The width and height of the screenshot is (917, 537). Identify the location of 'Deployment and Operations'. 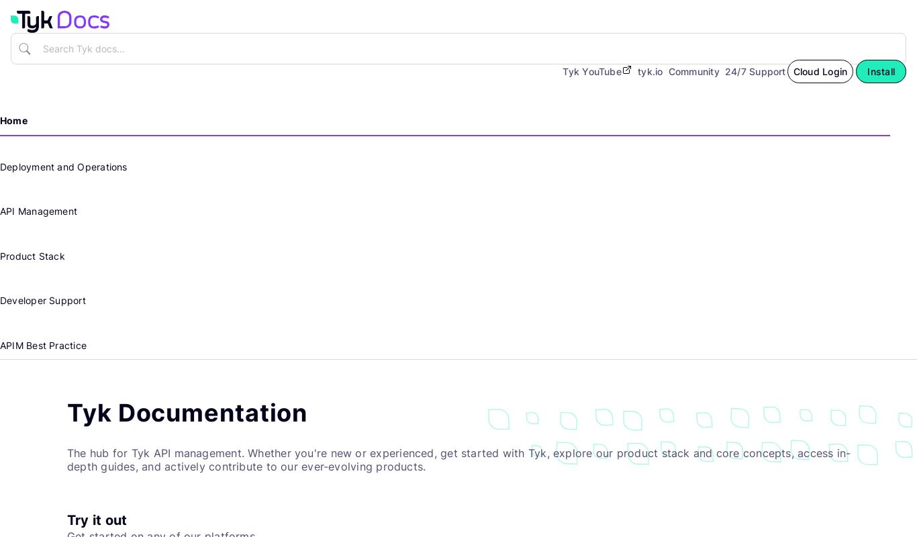
(63, 165).